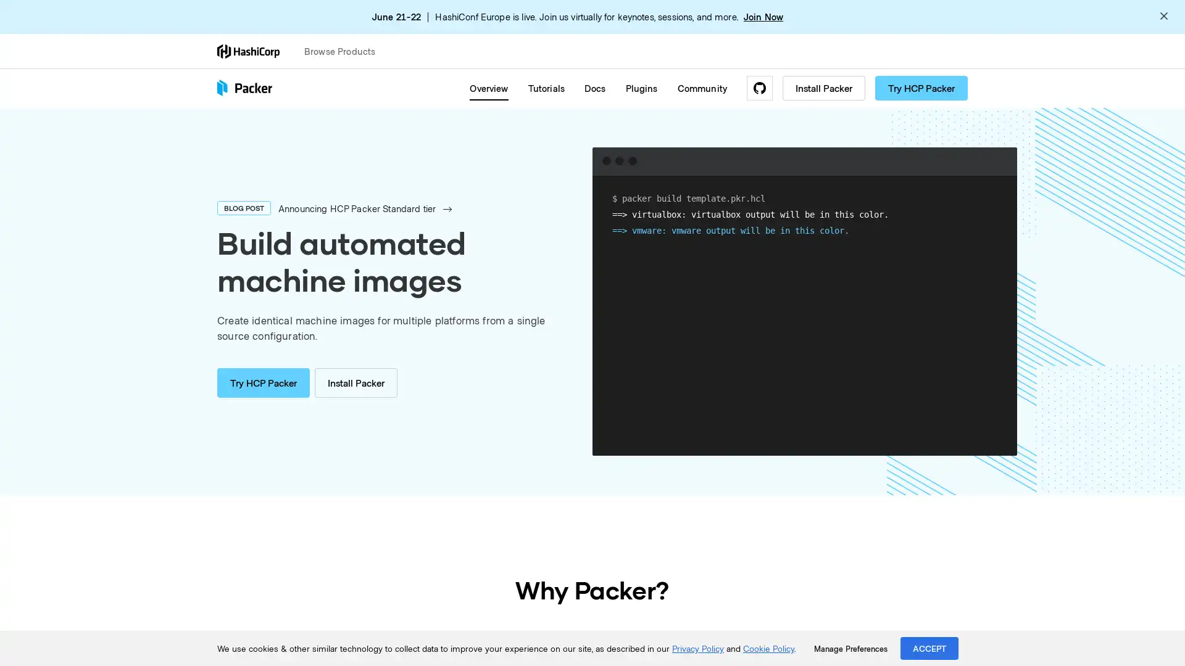  Describe the element at coordinates (1163, 17) in the screenshot. I see `Dismiss alert` at that location.